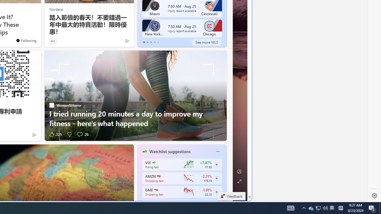 Image resolution: width=381 pixels, height=214 pixels. Describe the element at coordinates (217, 151) in the screenshot. I see `'Class: icon-img'` at that location.